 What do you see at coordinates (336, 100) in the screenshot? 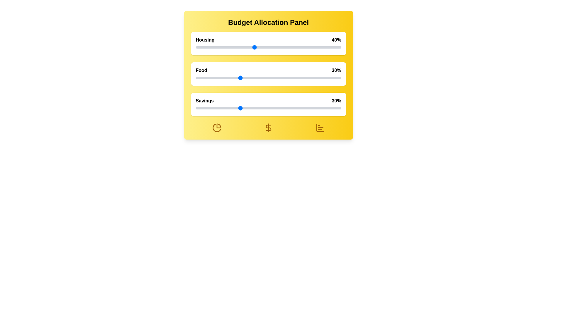
I see `the text label displaying '30%' in bold format, which is part of the budget allocation panel and located beside the slider control under the 'Savings' label` at bounding box center [336, 100].